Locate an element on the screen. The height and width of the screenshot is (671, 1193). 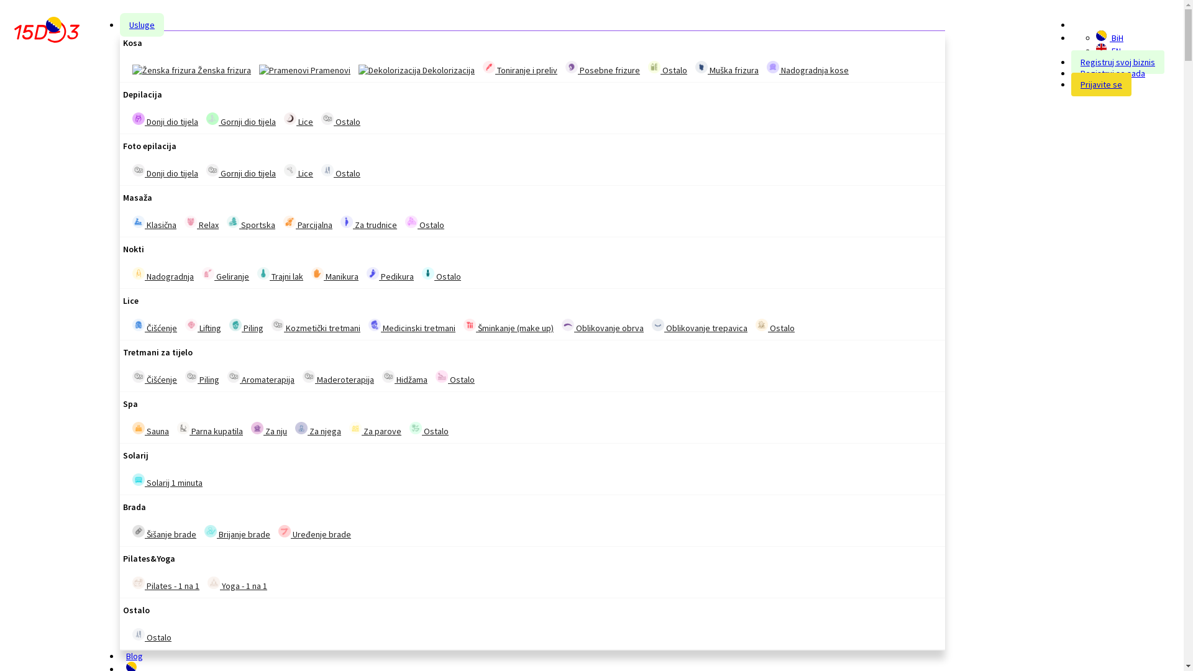
'Yoga - 1 na 1' is located at coordinates (237, 584).